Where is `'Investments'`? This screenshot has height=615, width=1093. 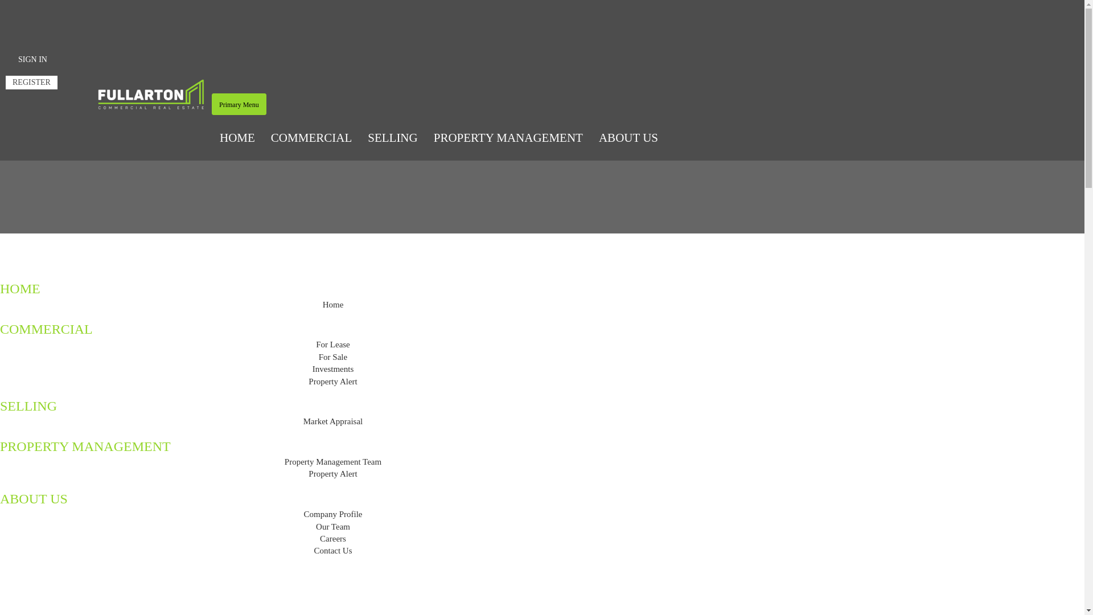 'Investments' is located at coordinates (332, 369).